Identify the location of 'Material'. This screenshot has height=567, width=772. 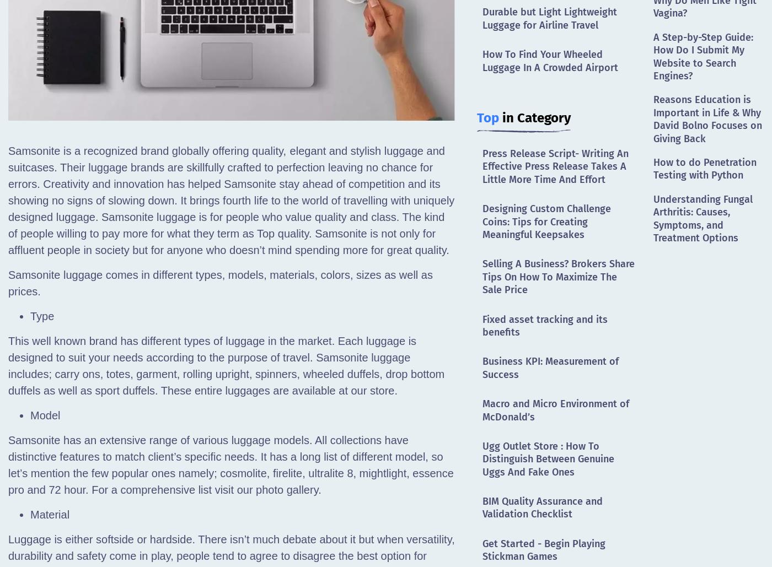
(49, 515).